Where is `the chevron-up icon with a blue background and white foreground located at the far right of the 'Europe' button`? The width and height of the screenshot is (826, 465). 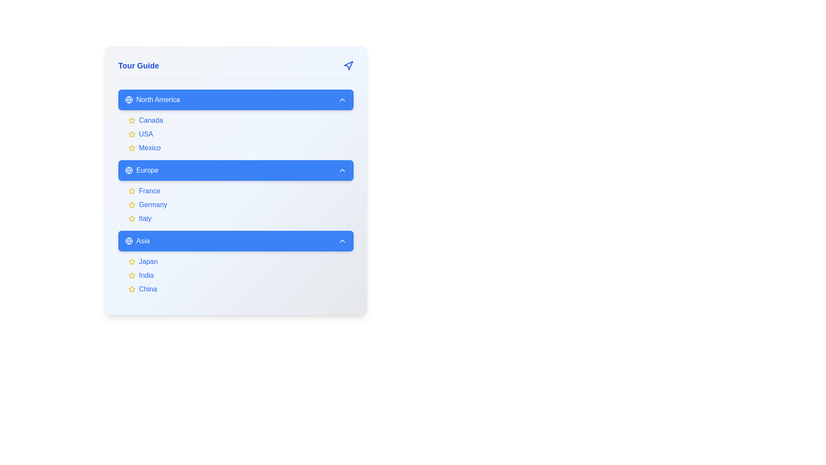
the chevron-up icon with a blue background and white foreground located at the far right of the 'Europe' button is located at coordinates (342, 170).